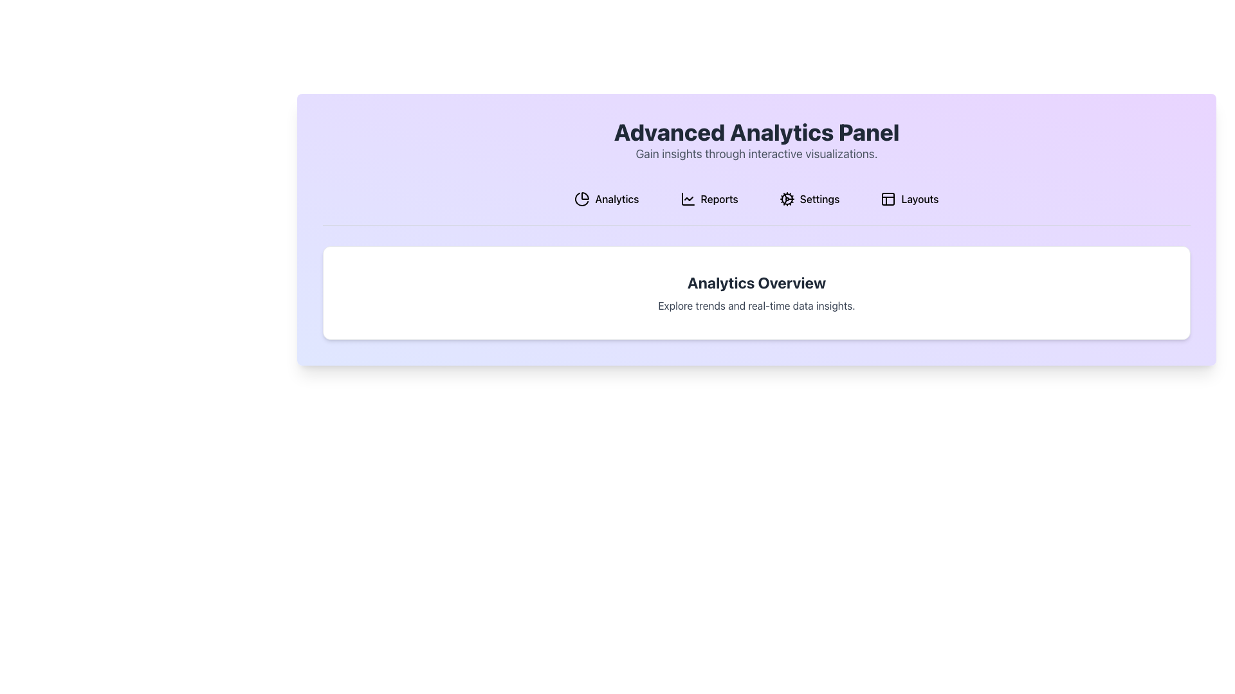  Describe the element at coordinates (756, 292) in the screenshot. I see `text from the Descriptive Text Block titled 'Analytics Overview' which contains insights about trends and real-time data` at that location.